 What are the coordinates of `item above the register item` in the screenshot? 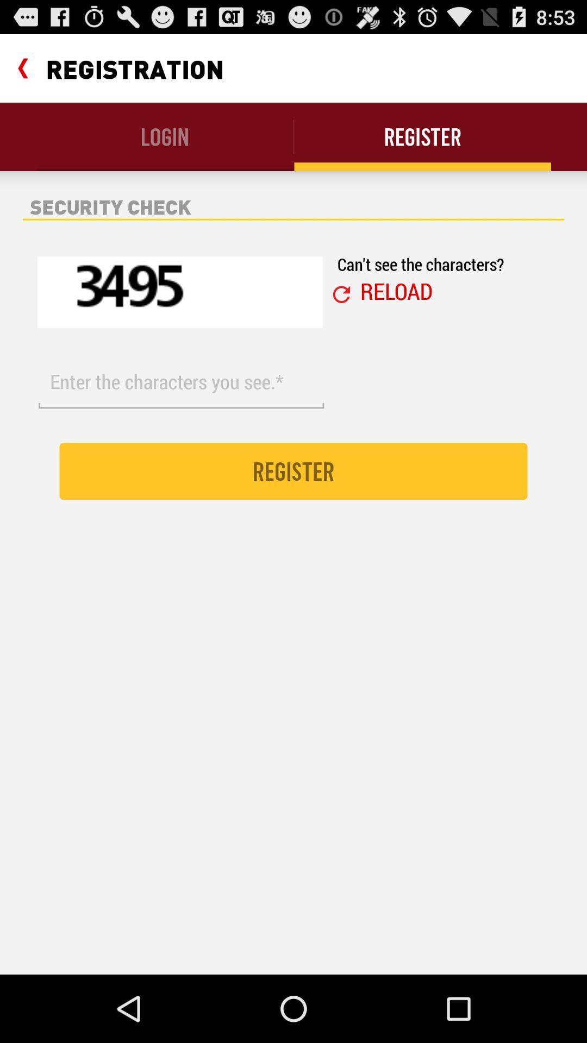 It's located at (396, 291).